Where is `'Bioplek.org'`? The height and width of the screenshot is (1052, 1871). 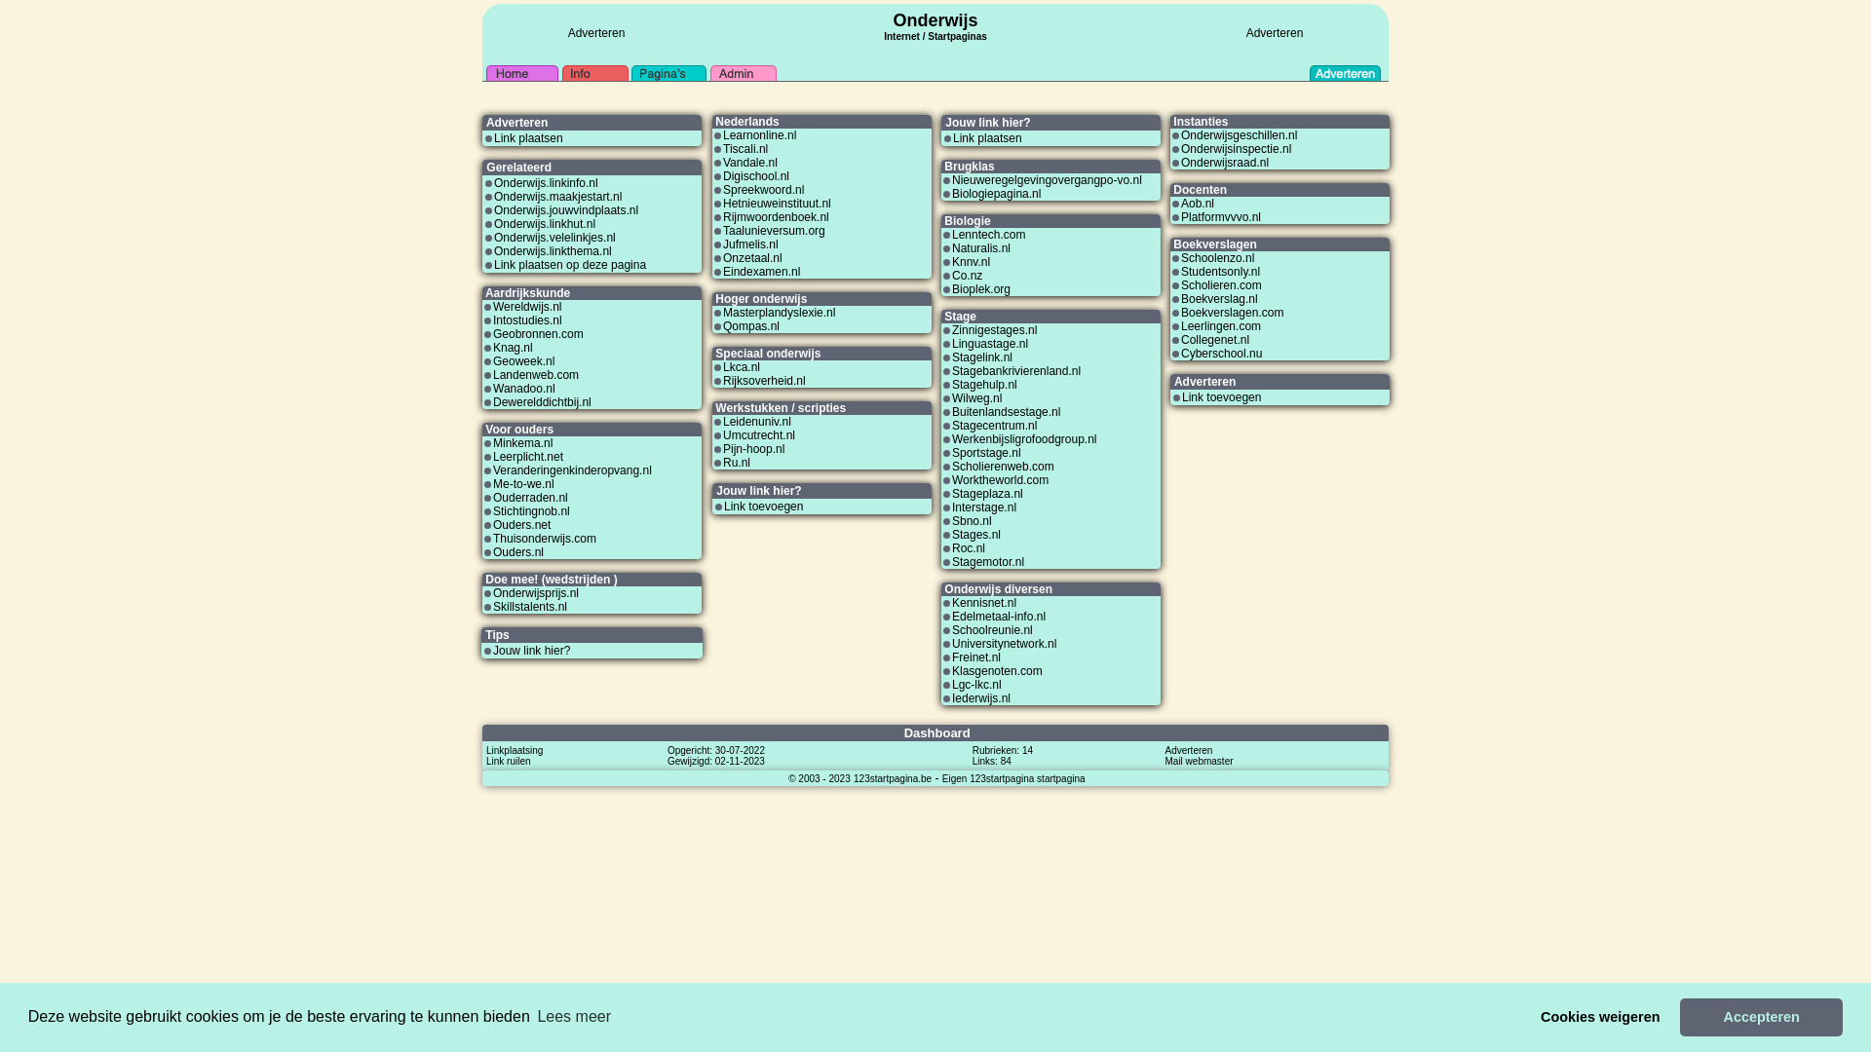 'Bioplek.org' is located at coordinates (981, 289).